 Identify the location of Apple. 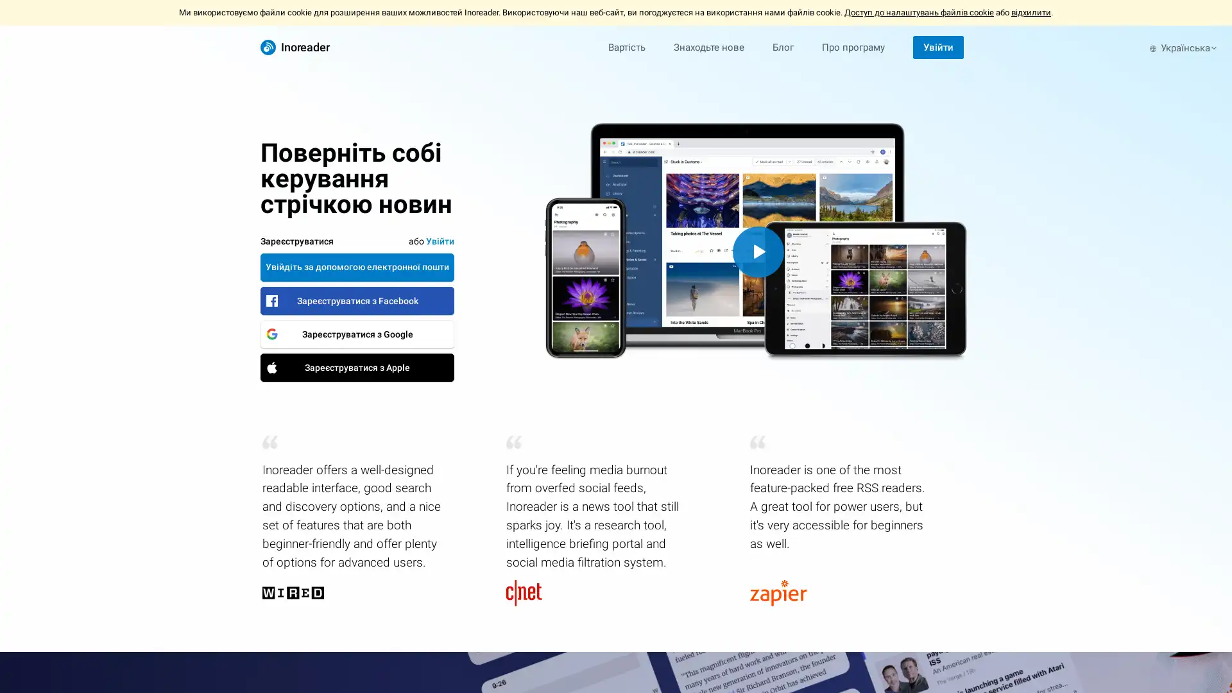
(357, 366).